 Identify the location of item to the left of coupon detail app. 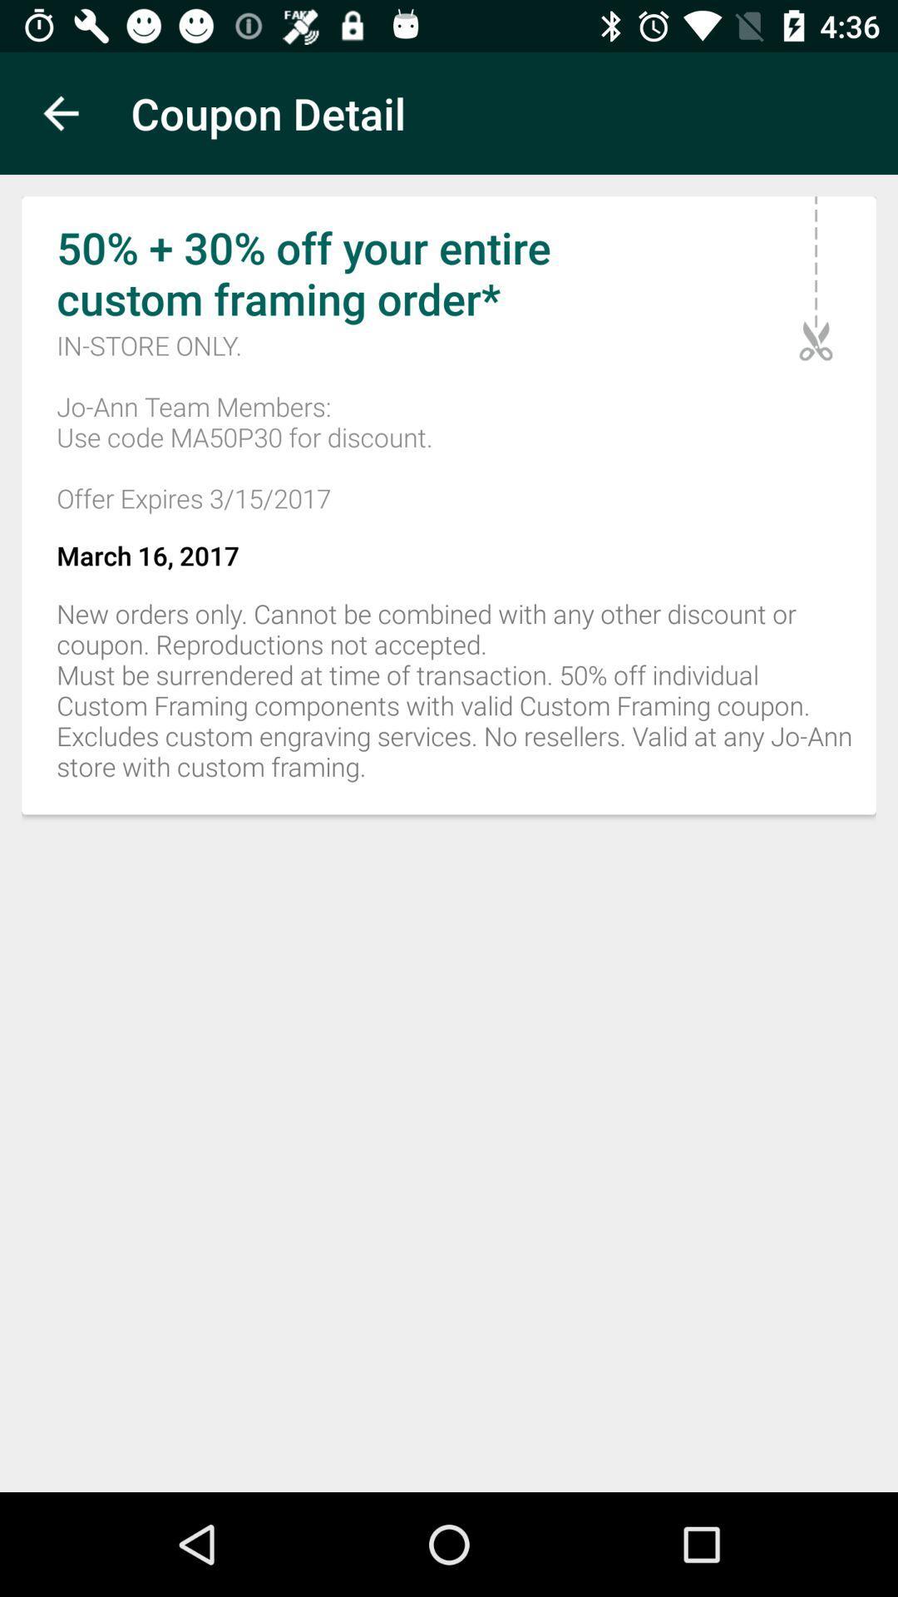
(60, 112).